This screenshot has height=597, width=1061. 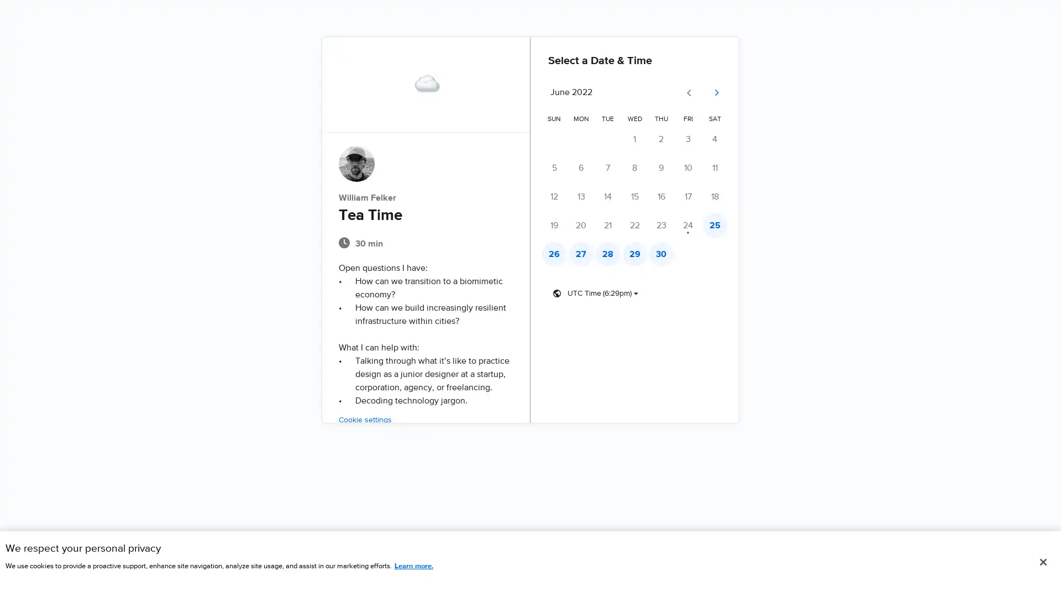 What do you see at coordinates (668, 254) in the screenshot?
I see `Thursday, June 30 - Times available` at bounding box center [668, 254].